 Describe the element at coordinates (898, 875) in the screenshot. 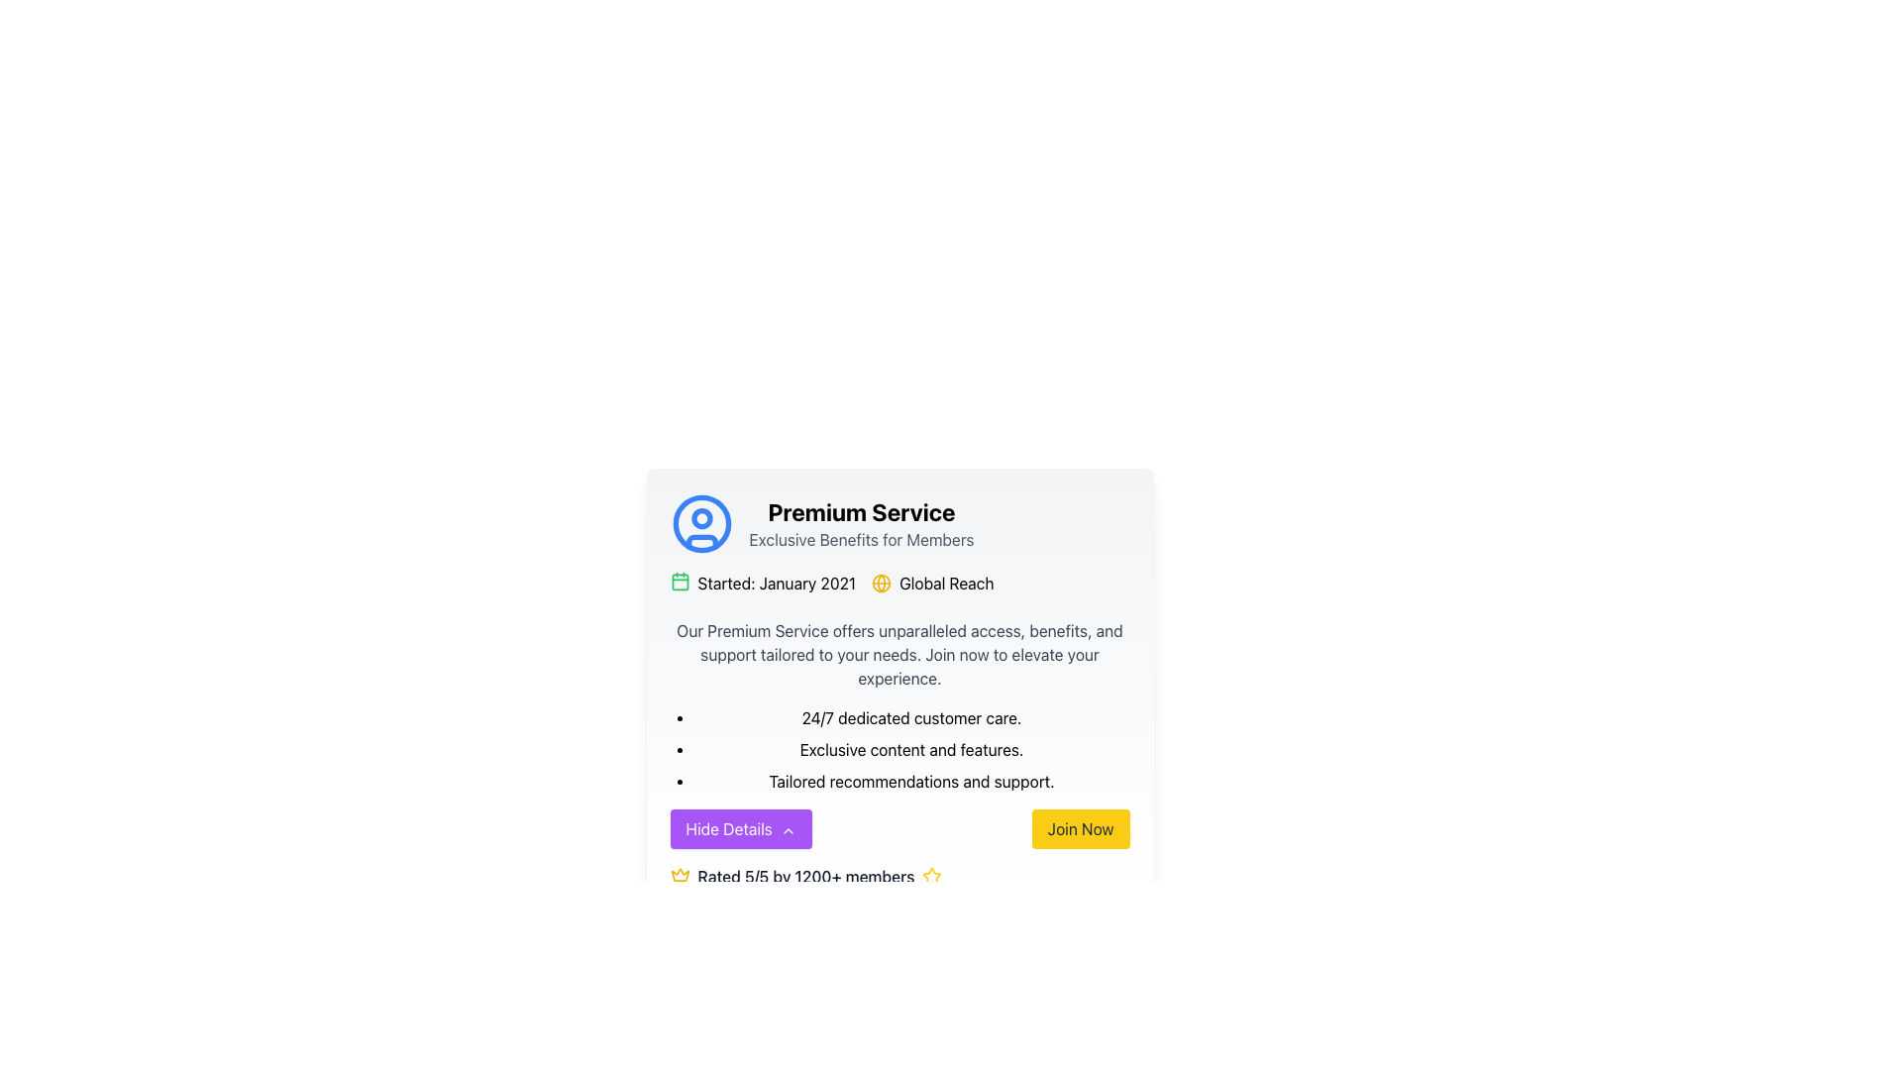

I see `testimonial or rating indicator located at the bottom of the premium membership details card, beneath the 'Hide Details' and 'Join Now' buttons` at that location.